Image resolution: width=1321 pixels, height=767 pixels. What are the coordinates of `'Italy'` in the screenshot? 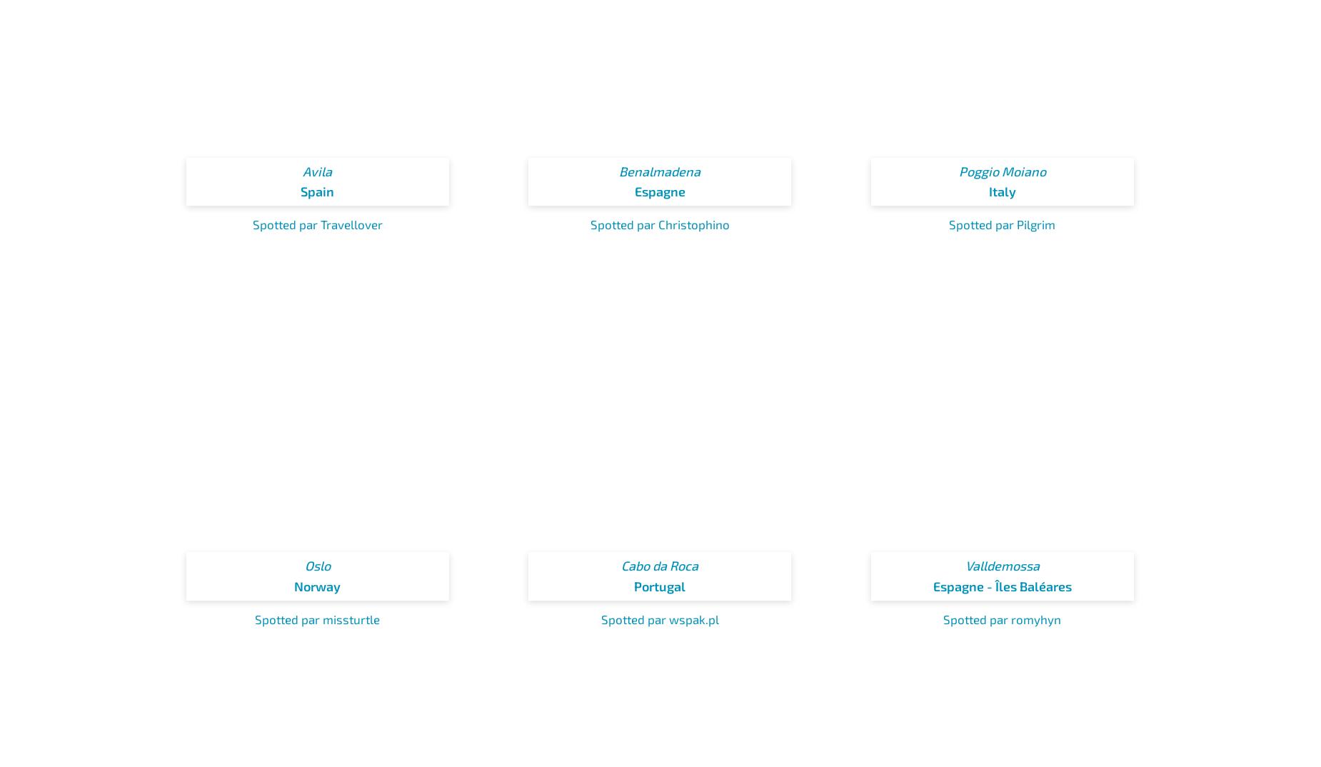 It's located at (987, 190).